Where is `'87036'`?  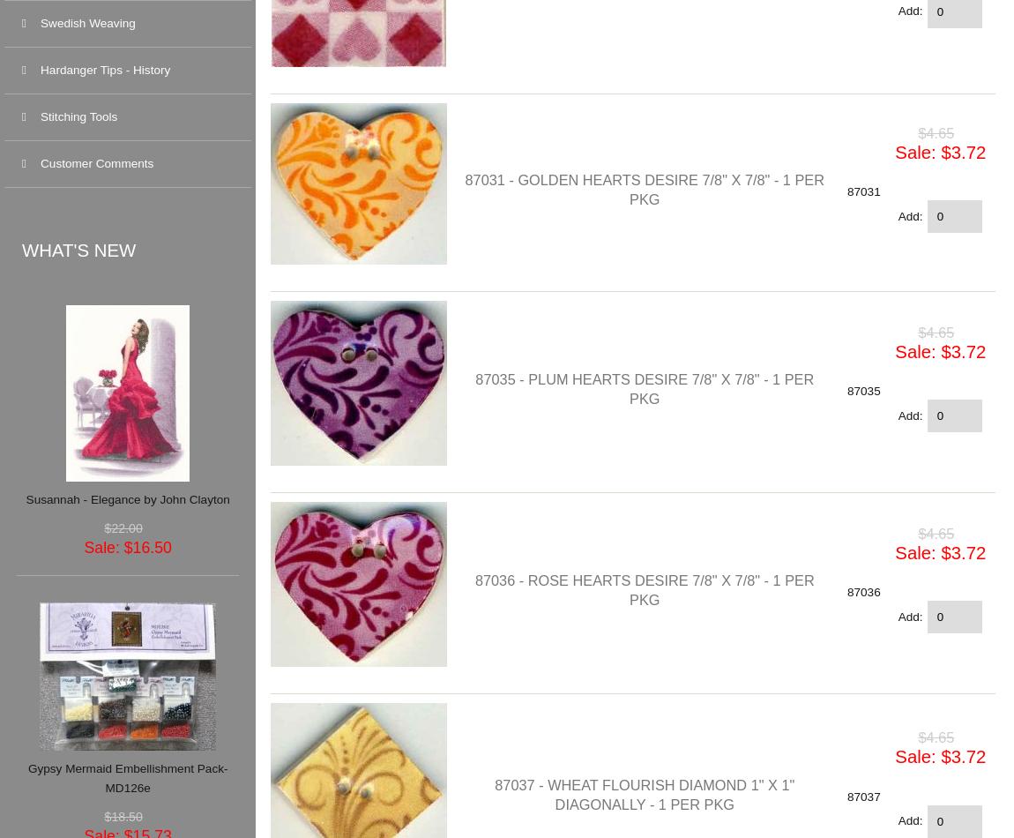
'87036' is located at coordinates (862, 592).